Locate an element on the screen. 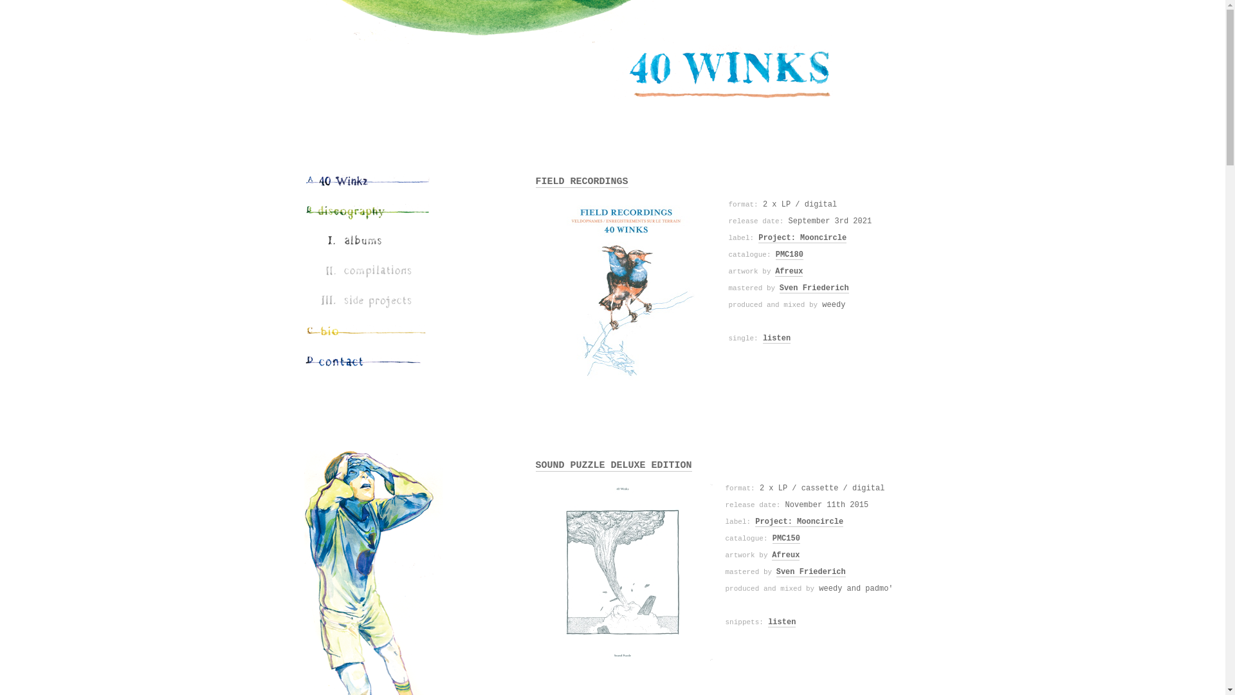  'Bio' is located at coordinates (302, 333).